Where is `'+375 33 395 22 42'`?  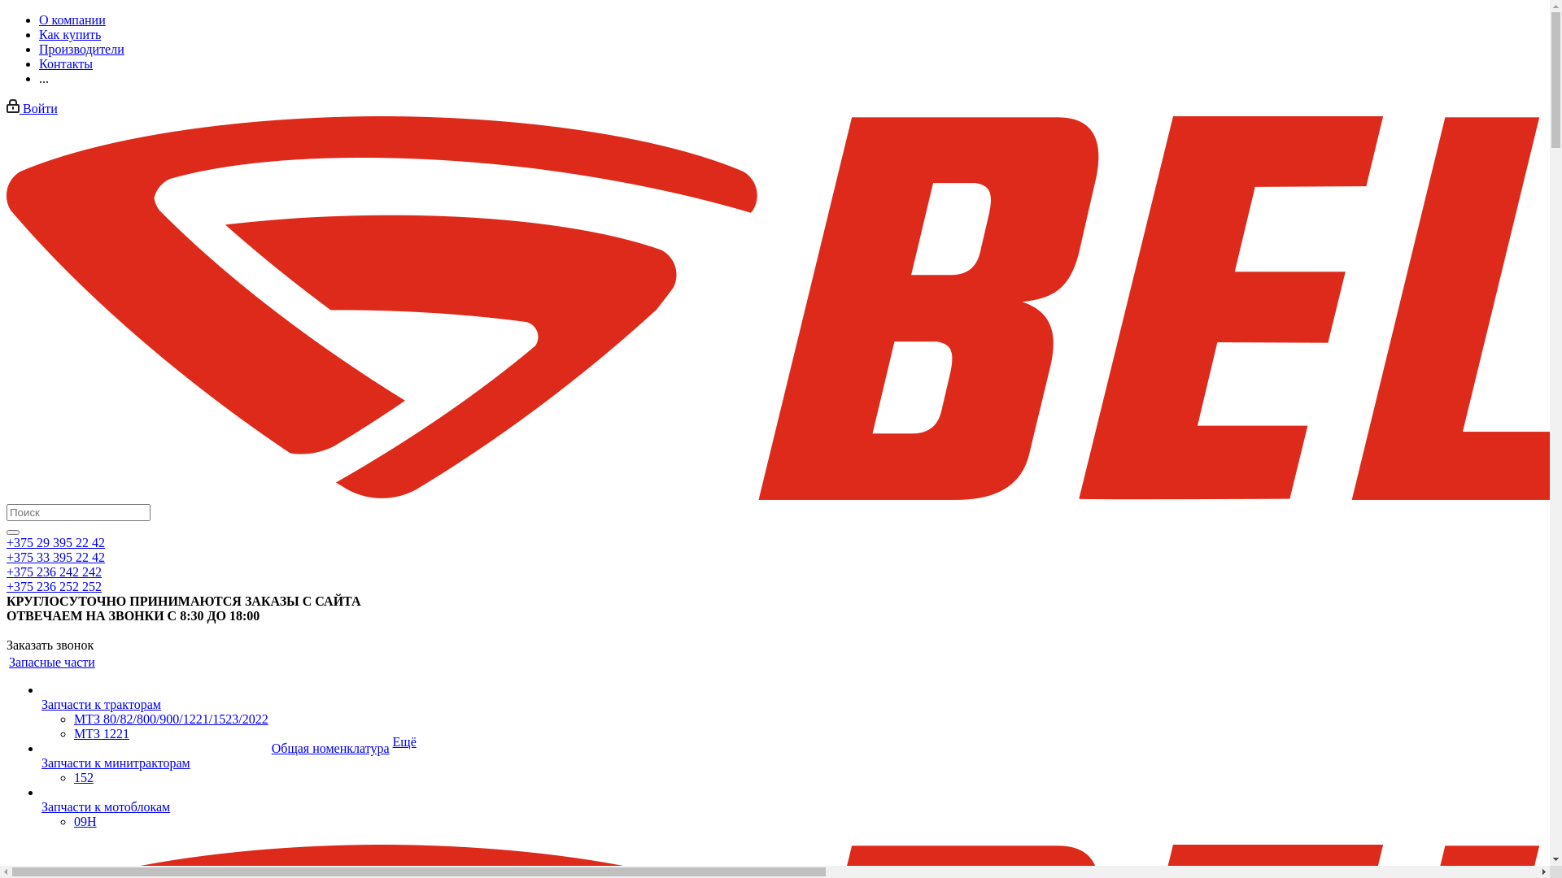
'+375 33 395 22 42' is located at coordinates (55, 556).